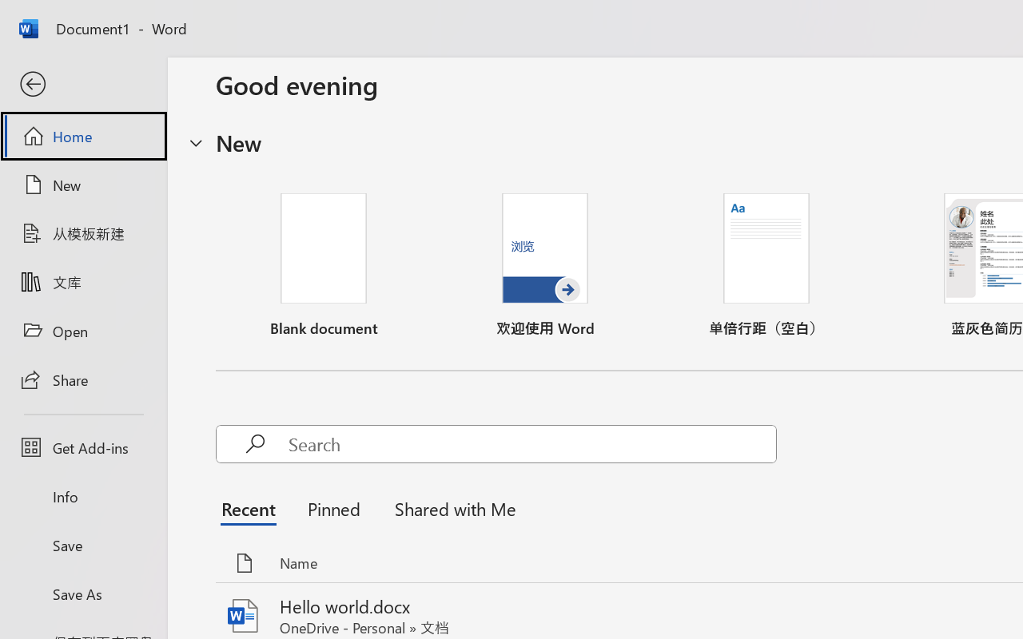  I want to click on 'Recent', so click(252, 507).